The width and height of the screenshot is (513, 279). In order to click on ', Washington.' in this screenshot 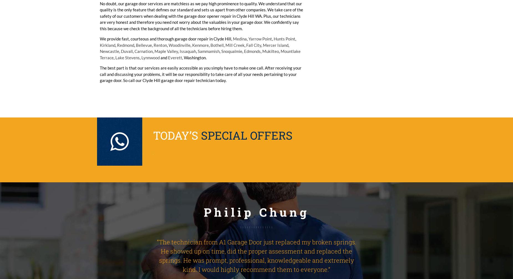, I will do `click(194, 57)`.